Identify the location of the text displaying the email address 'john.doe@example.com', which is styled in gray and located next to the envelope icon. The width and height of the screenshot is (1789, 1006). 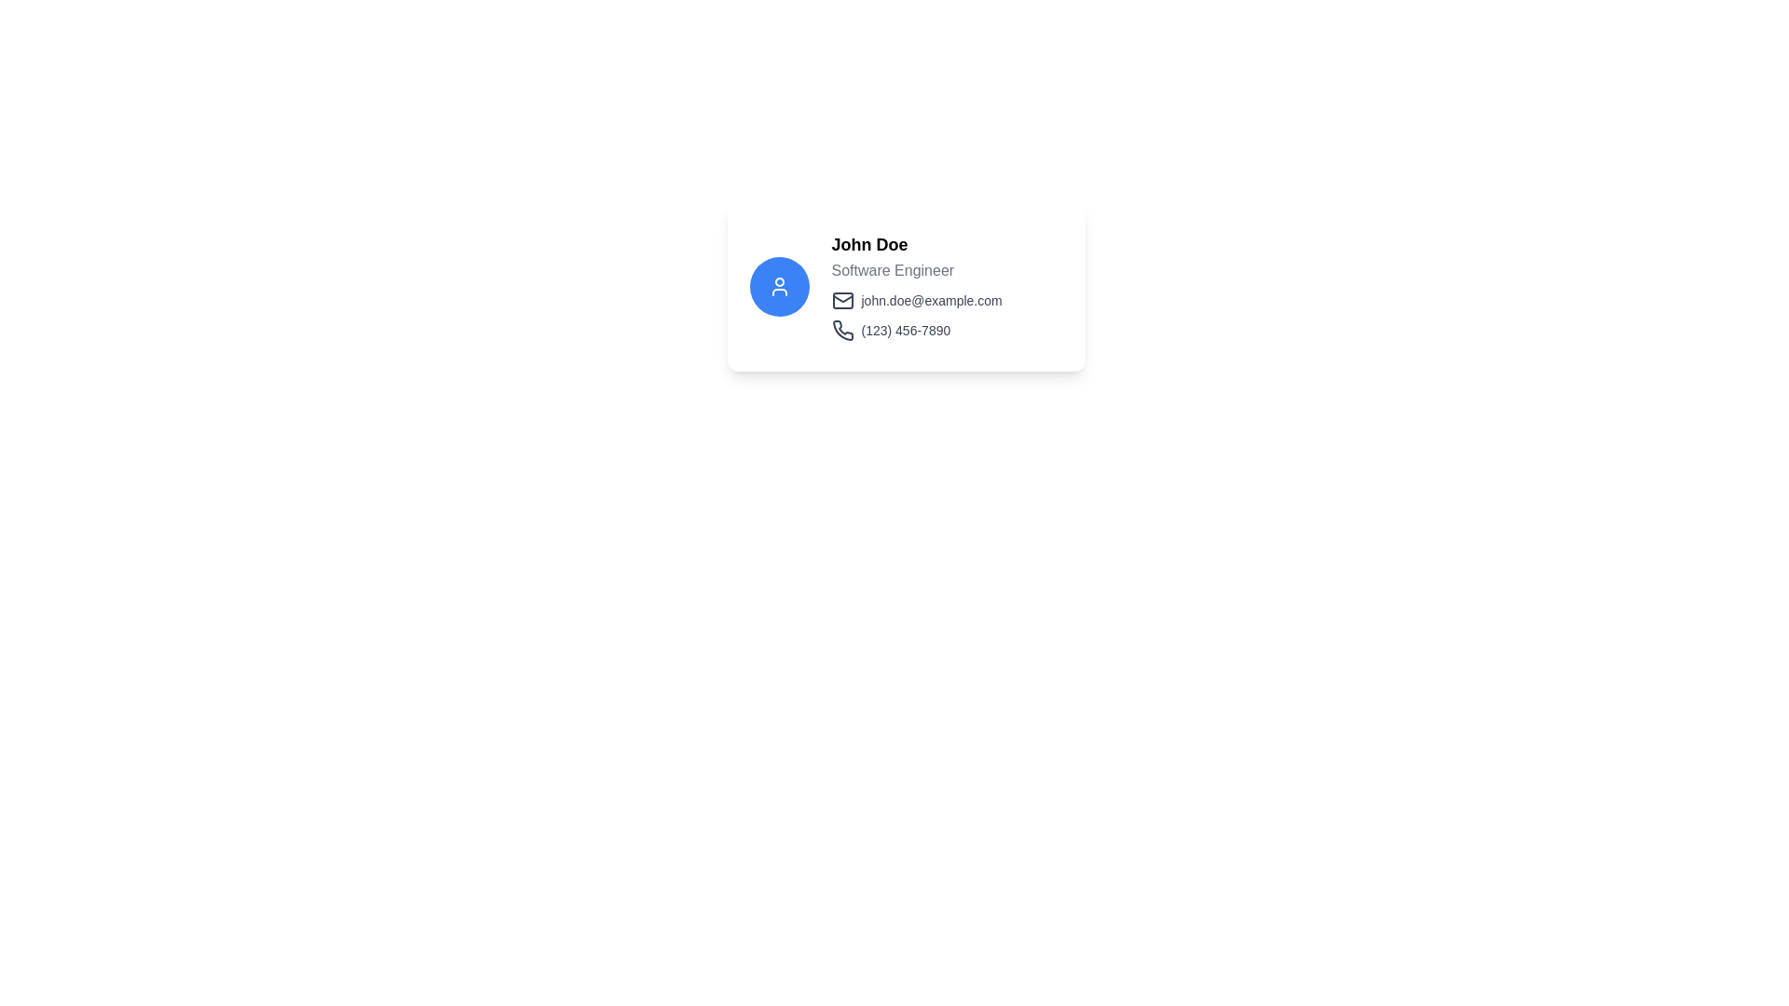
(931, 300).